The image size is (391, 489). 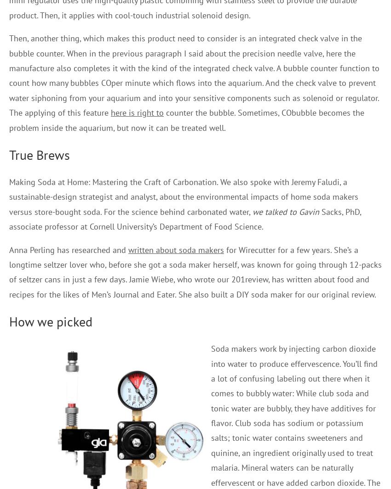 I want to click on 'Anna Perling has researched and', so click(x=69, y=249).